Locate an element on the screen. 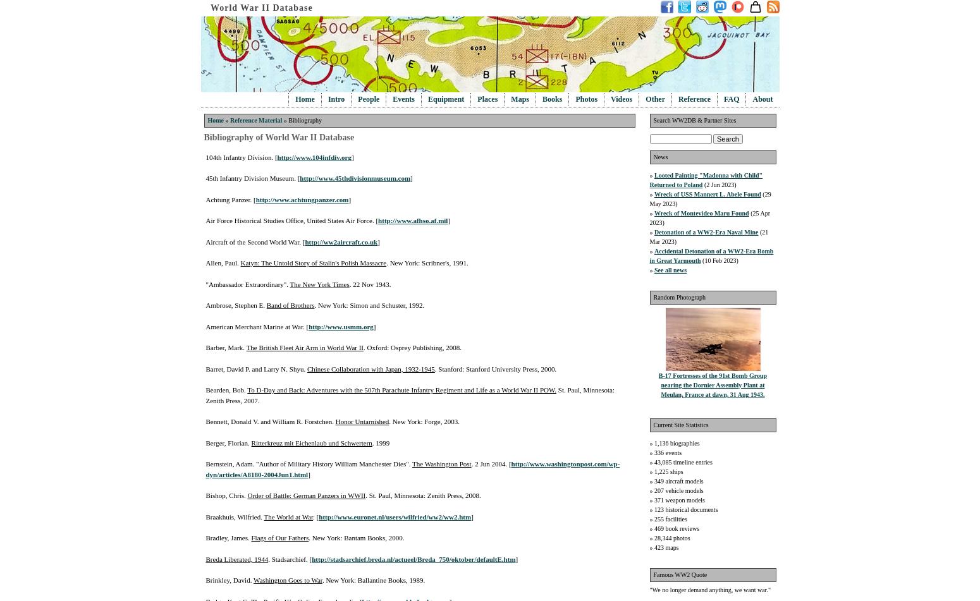  'Places' is located at coordinates (477, 99).